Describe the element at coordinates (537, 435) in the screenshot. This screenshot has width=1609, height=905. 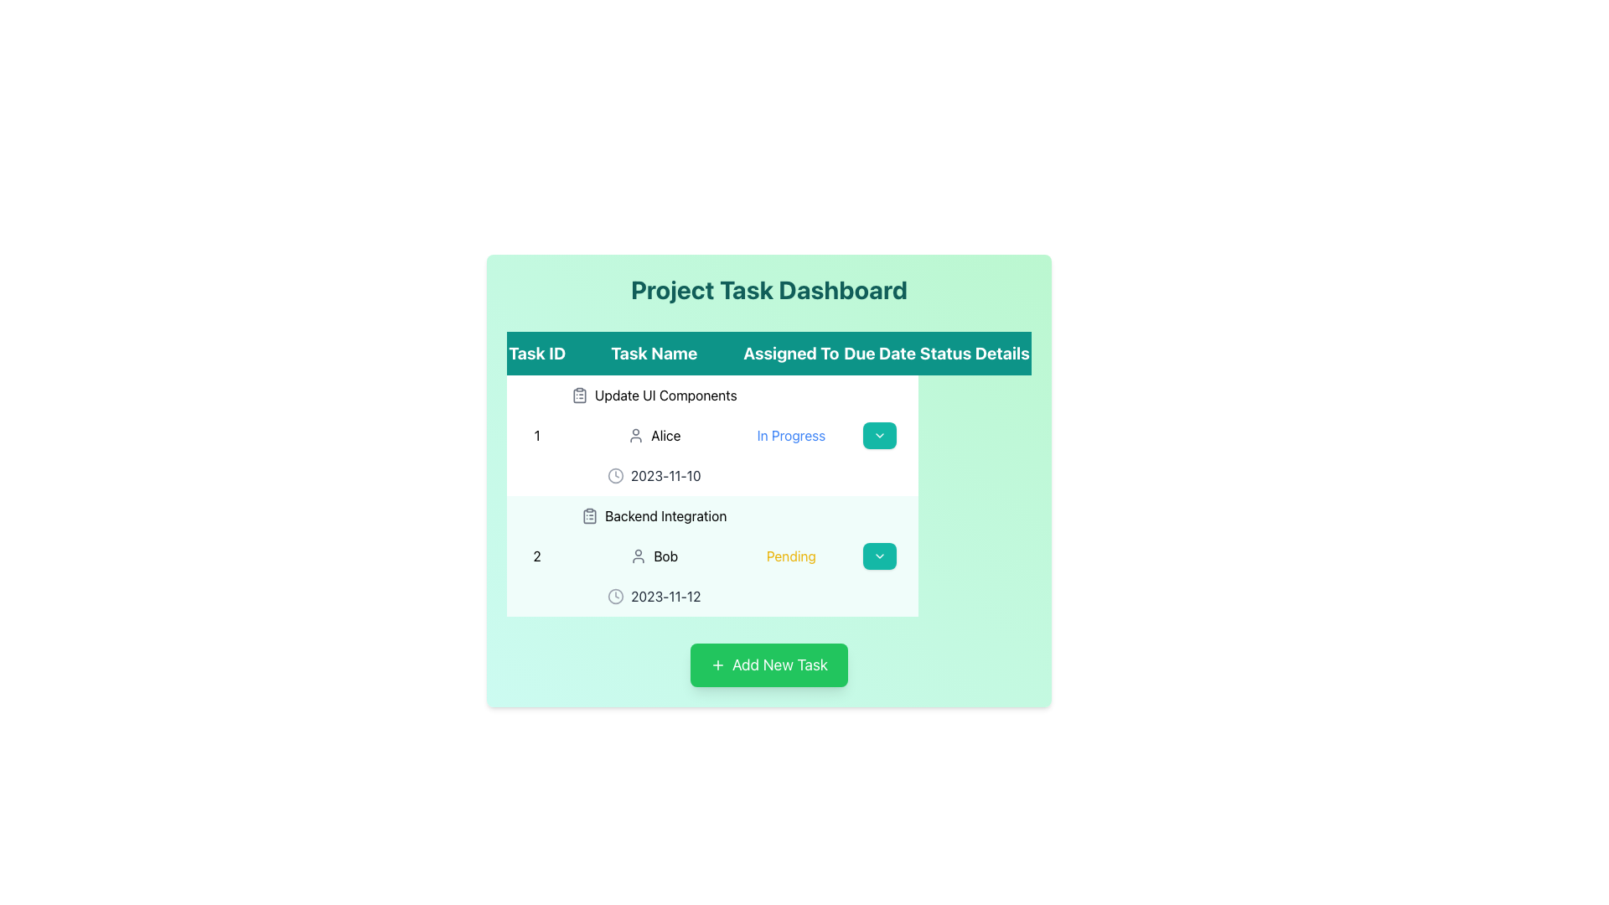
I see `the numeral '1' displayed in a clean, sans-serif font located in the first row under the 'Task ID' column` at that location.